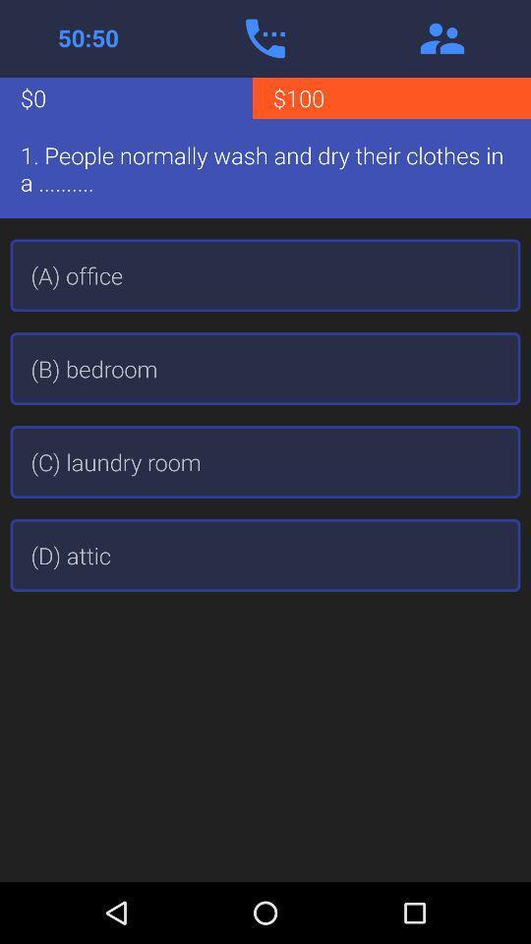 This screenshot has height=944, width=531. I want to click on app below (c) laundry room item, so click(265, 555).